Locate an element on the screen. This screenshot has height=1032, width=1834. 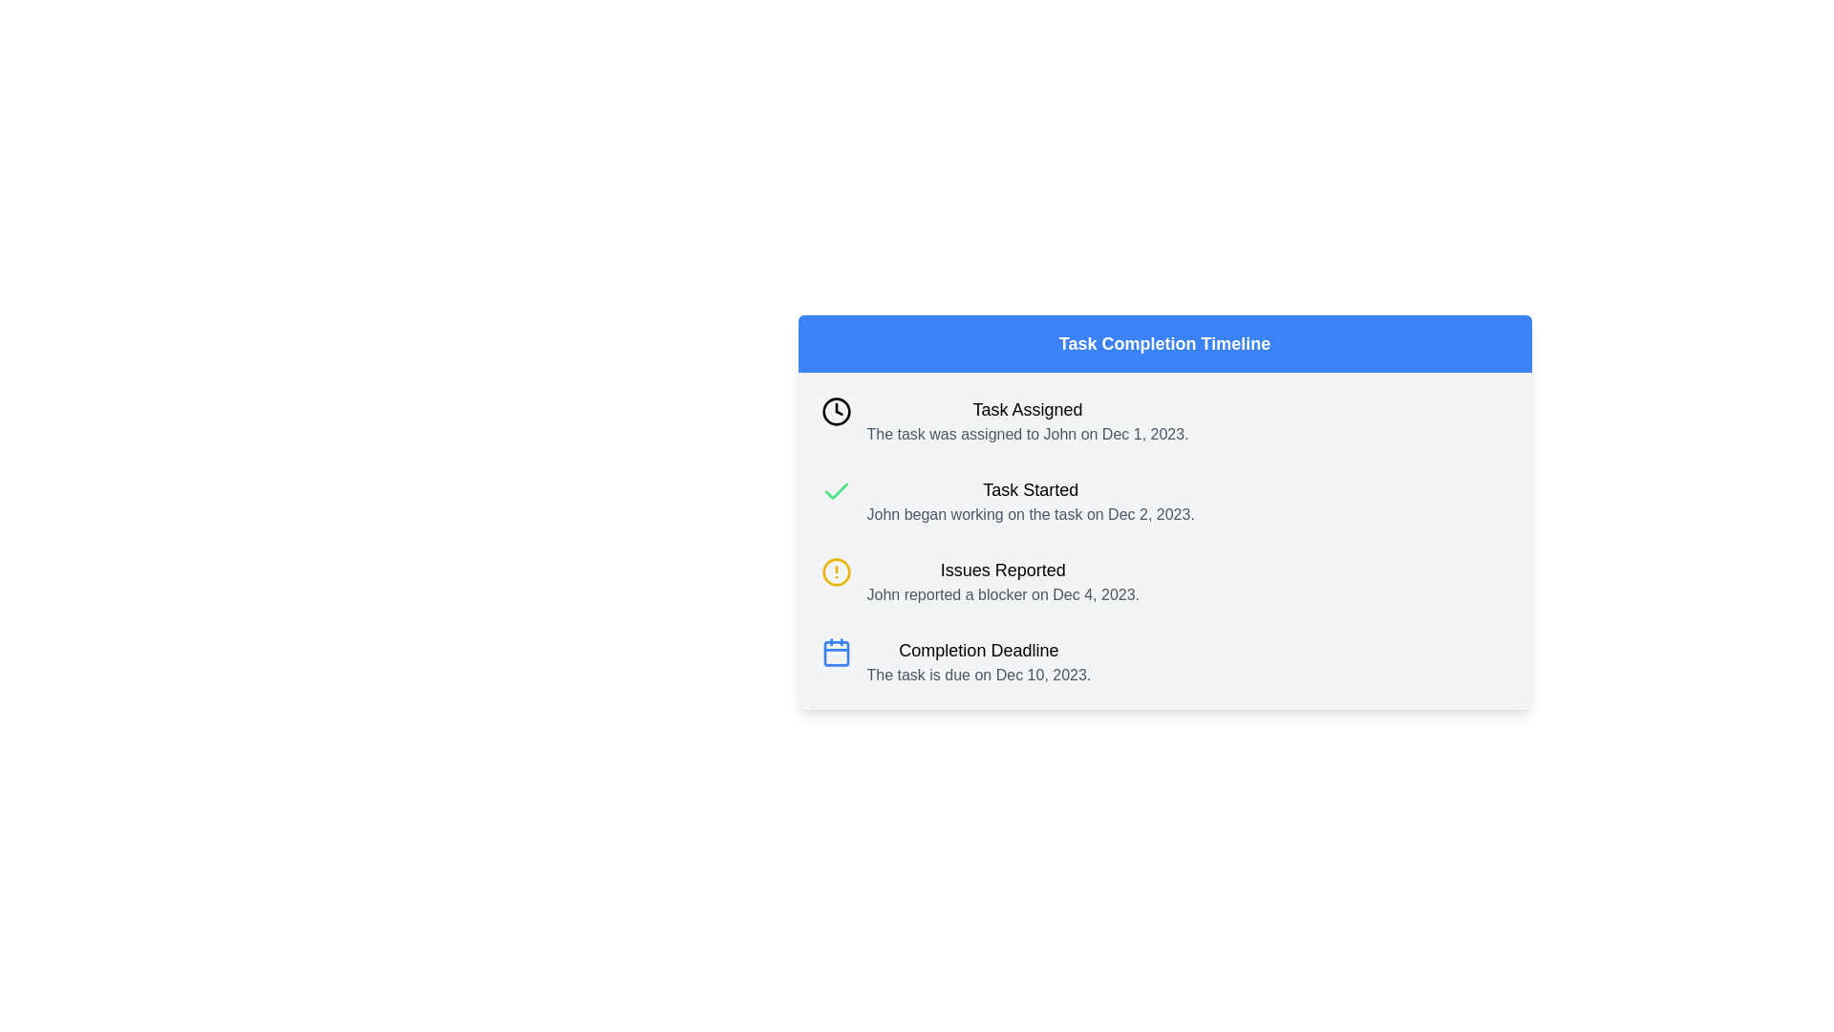
contents of the Information Panel titled 'Task Completion Timeline', which is centrally located within the viewport and contains subsections for 'Task Assigned', 'Task Started', 'Issues Reported', and 'Completion Deadline' is located at coordinates (1163, 511).